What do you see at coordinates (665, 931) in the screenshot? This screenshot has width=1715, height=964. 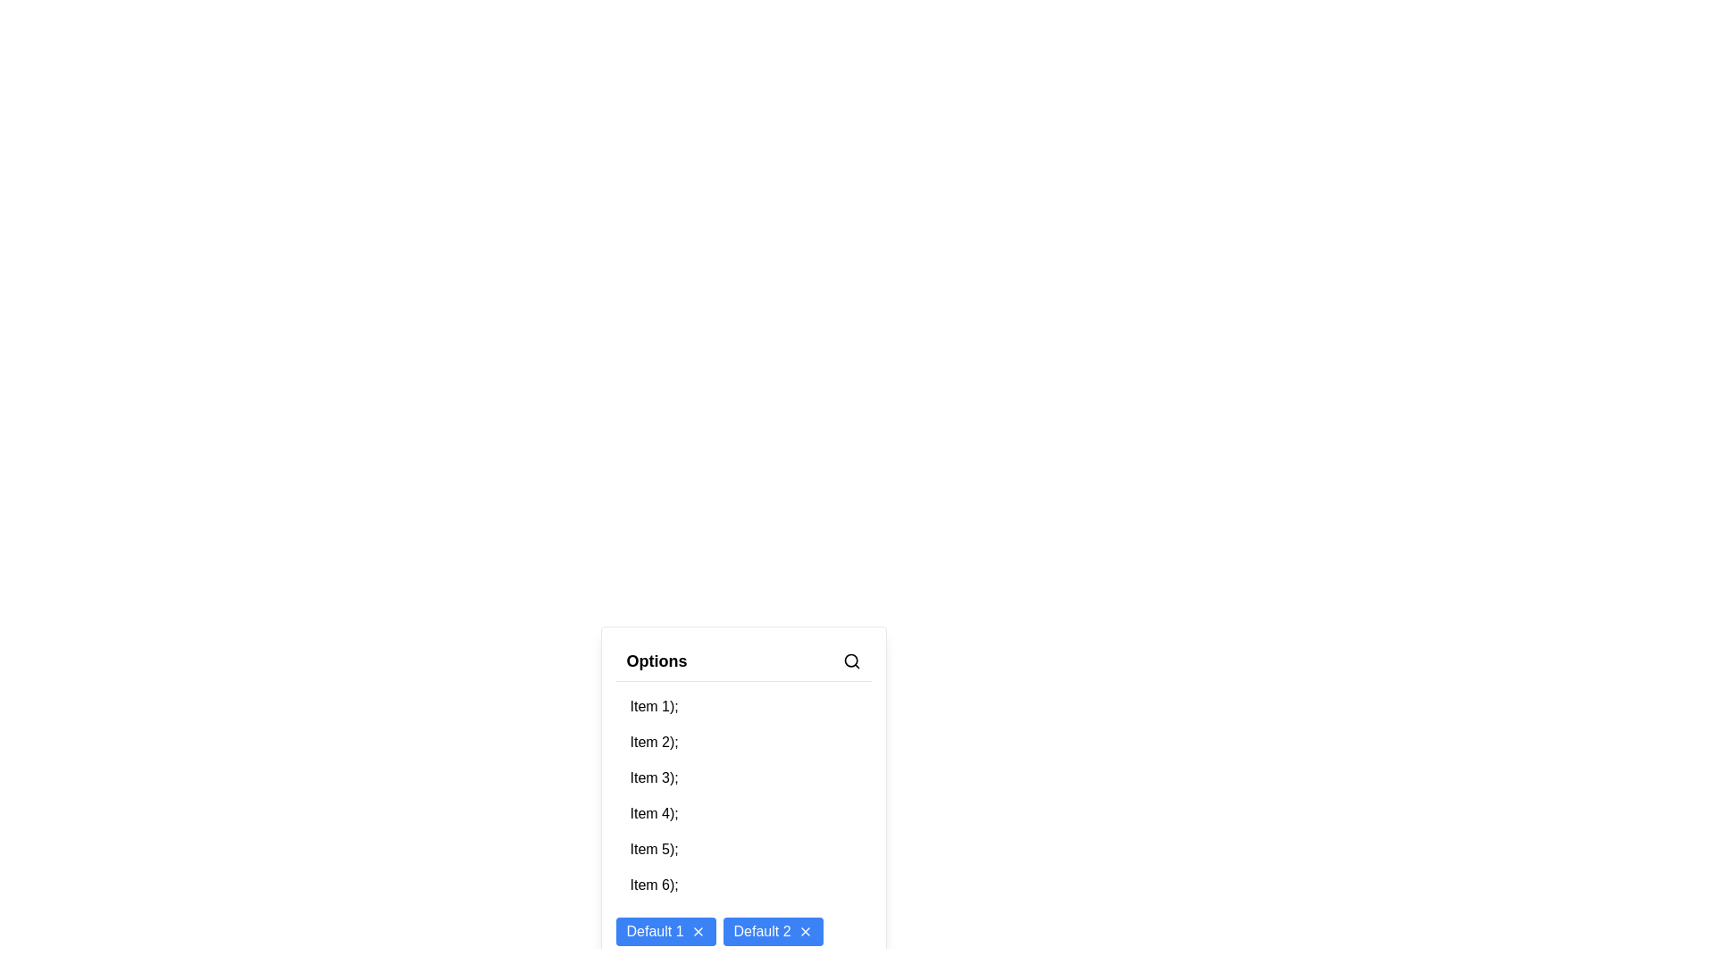 I see `the first button in the horizontal list below the 'Options' dropdown` at bounding box center [665, 931].